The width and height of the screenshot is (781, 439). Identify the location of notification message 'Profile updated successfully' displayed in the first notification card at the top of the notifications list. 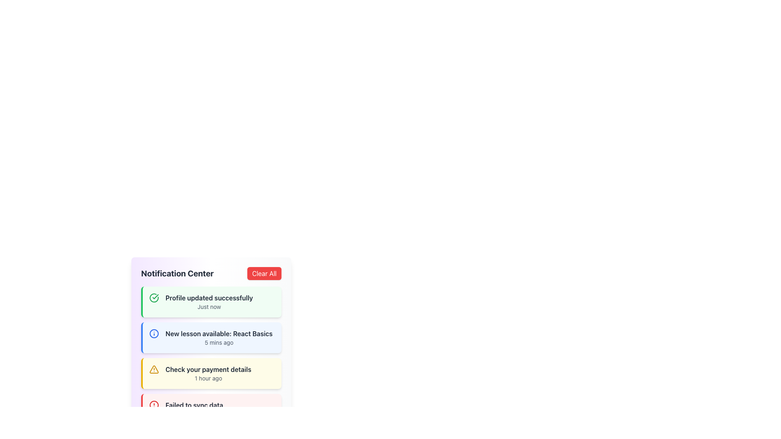
(209, 302).